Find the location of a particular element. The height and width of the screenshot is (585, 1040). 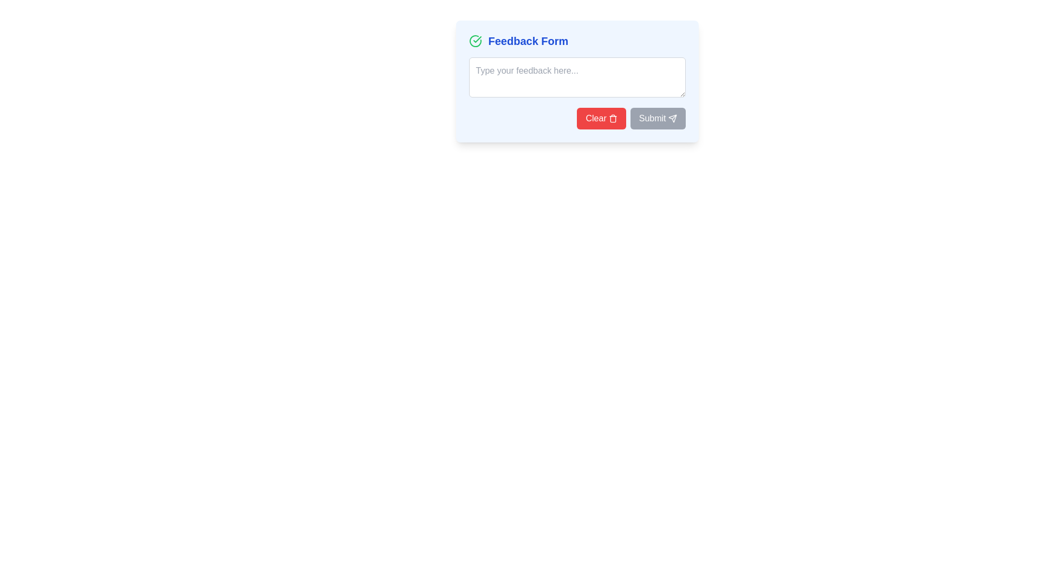

the visual indicator icon located at the top-left corner of the feedback form, which marks the form as successfully validated is located at coordinates (475, 41).